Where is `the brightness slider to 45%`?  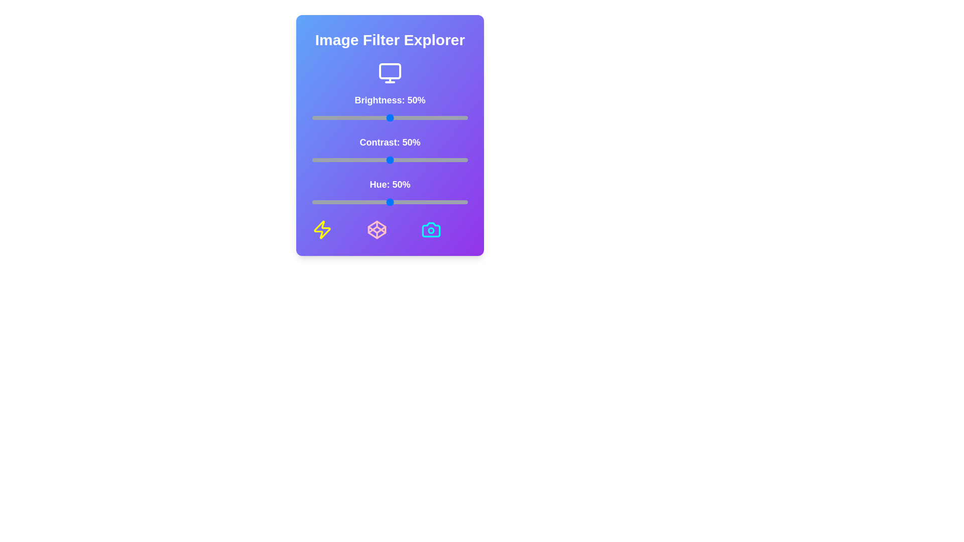
the brightness slider to 45% is located at coordinates (382, 117).